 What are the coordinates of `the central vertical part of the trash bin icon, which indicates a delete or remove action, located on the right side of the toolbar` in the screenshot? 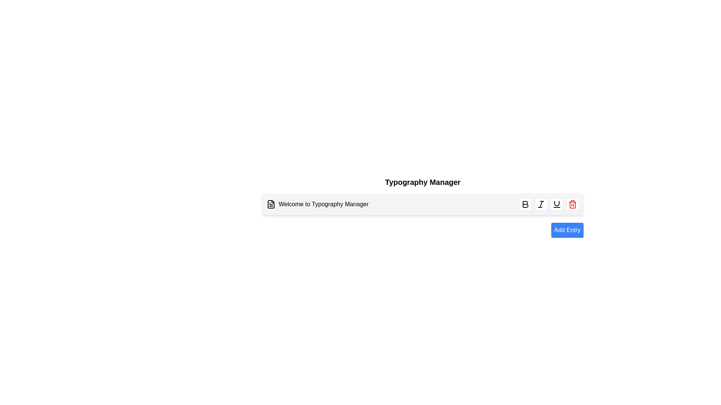 It's located at (572, 205).